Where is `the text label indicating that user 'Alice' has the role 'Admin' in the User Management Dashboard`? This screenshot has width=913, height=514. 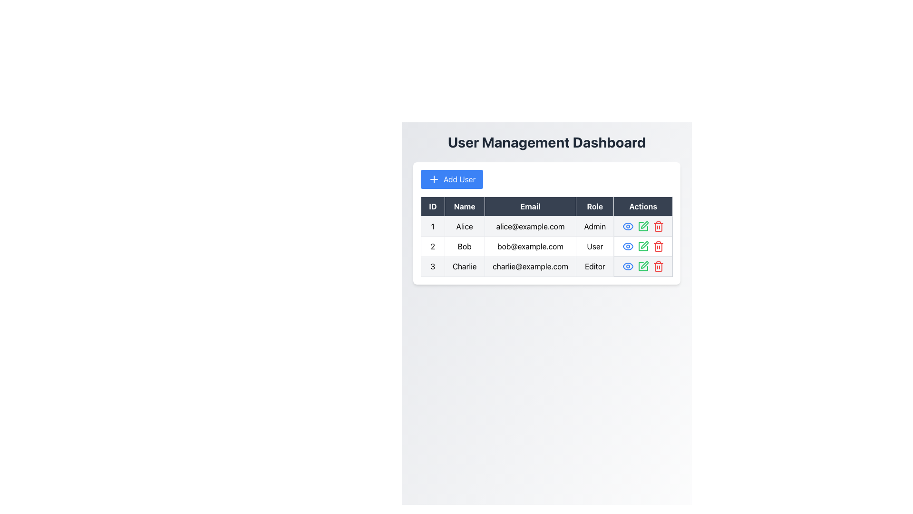
the text label indicating that user 'Alice' has the role 'Admin' in the User Management Dashboard is located at coordinates (594, 226).